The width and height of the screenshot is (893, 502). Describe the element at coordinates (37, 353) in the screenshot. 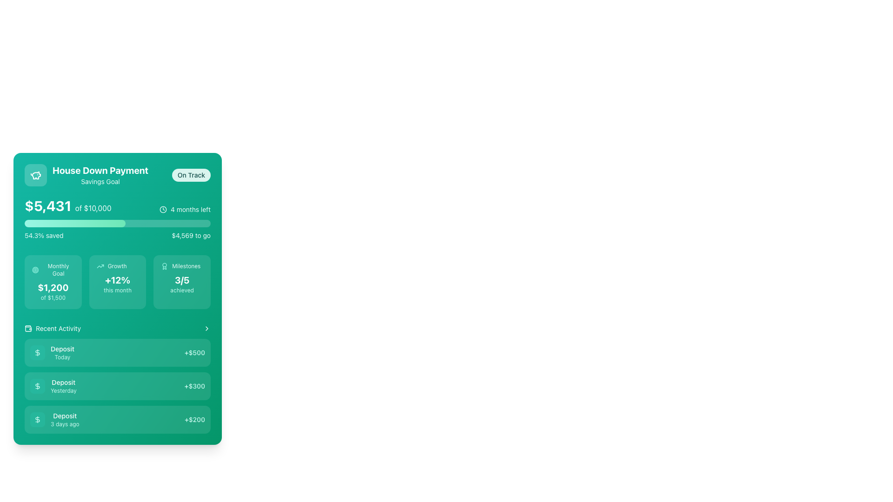

I see `the dollar sign icon representing a deposit entry, which is styled with an outline design and surrounded by teal shading, located in the recent activity section to the left of 'Deposit Today'` at that location.